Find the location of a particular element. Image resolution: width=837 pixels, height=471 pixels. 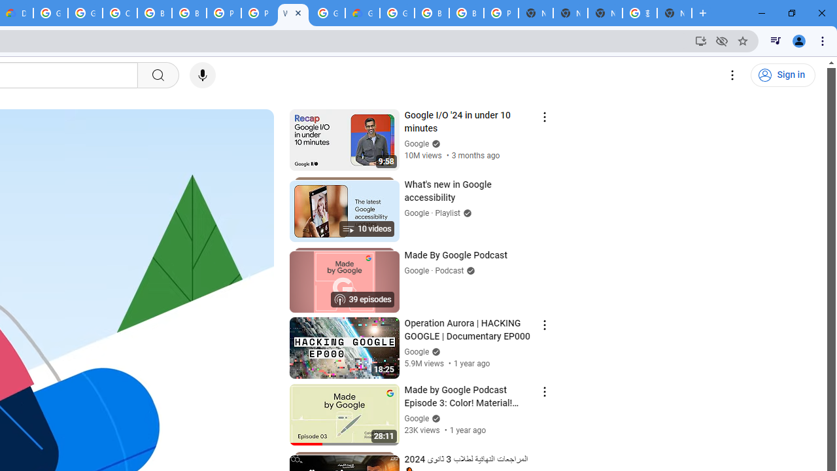

'New Tab' is located at coordinates (674, 13).